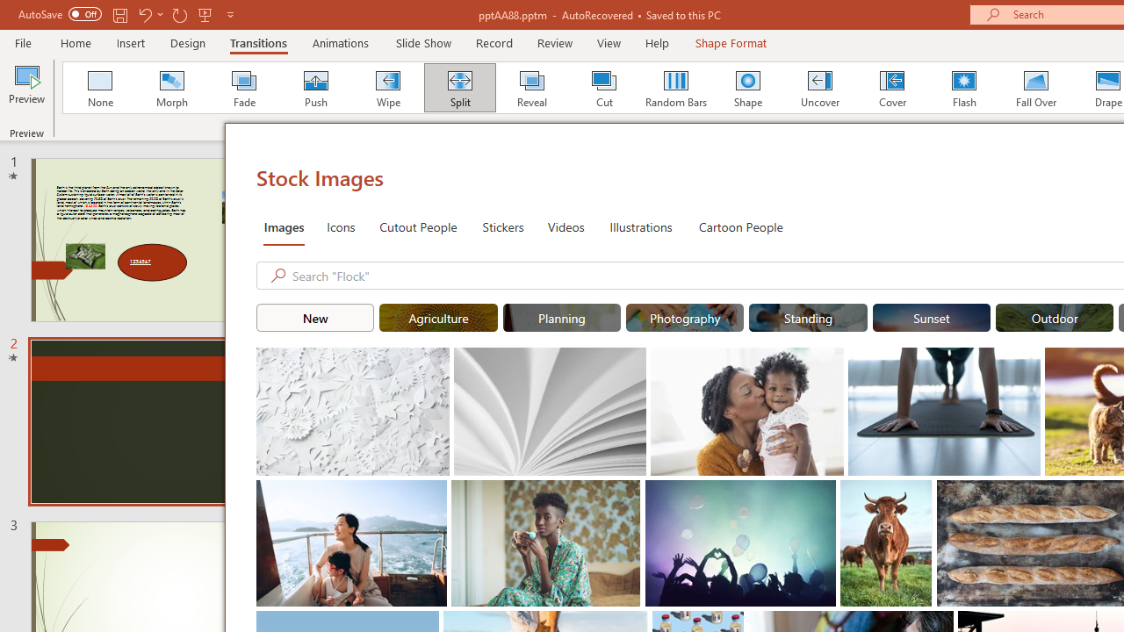 This screenshot has width=1124, height=632. Describe the element at coordinates (553, 42) in the screenshot. I see `'Review'` at that location.